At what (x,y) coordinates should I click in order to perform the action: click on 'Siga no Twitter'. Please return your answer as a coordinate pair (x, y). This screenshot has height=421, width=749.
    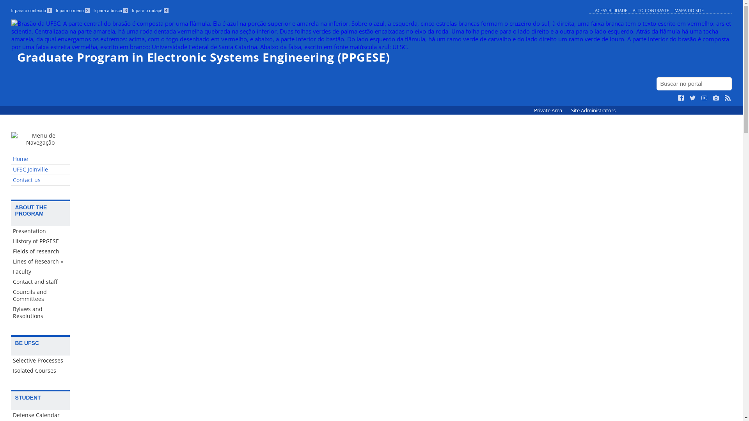
    Looking at the image, I should click on (693, 97).